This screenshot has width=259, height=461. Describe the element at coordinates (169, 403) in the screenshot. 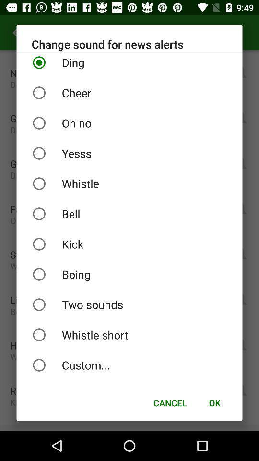

I see `the icon next to the ok` at that location.